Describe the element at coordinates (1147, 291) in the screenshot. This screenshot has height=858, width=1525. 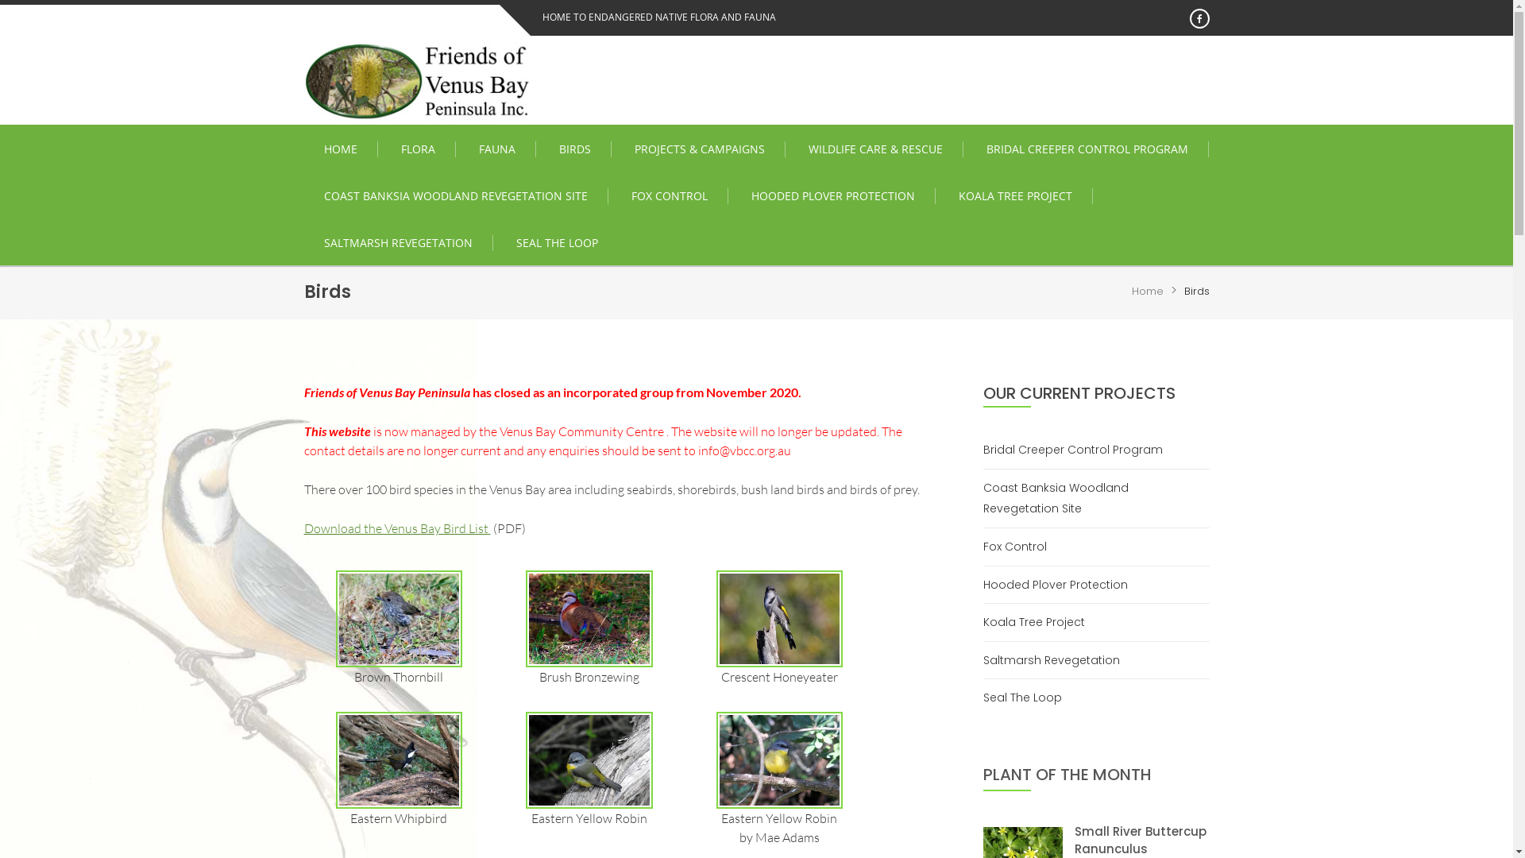
I see `'Home'` at that location.